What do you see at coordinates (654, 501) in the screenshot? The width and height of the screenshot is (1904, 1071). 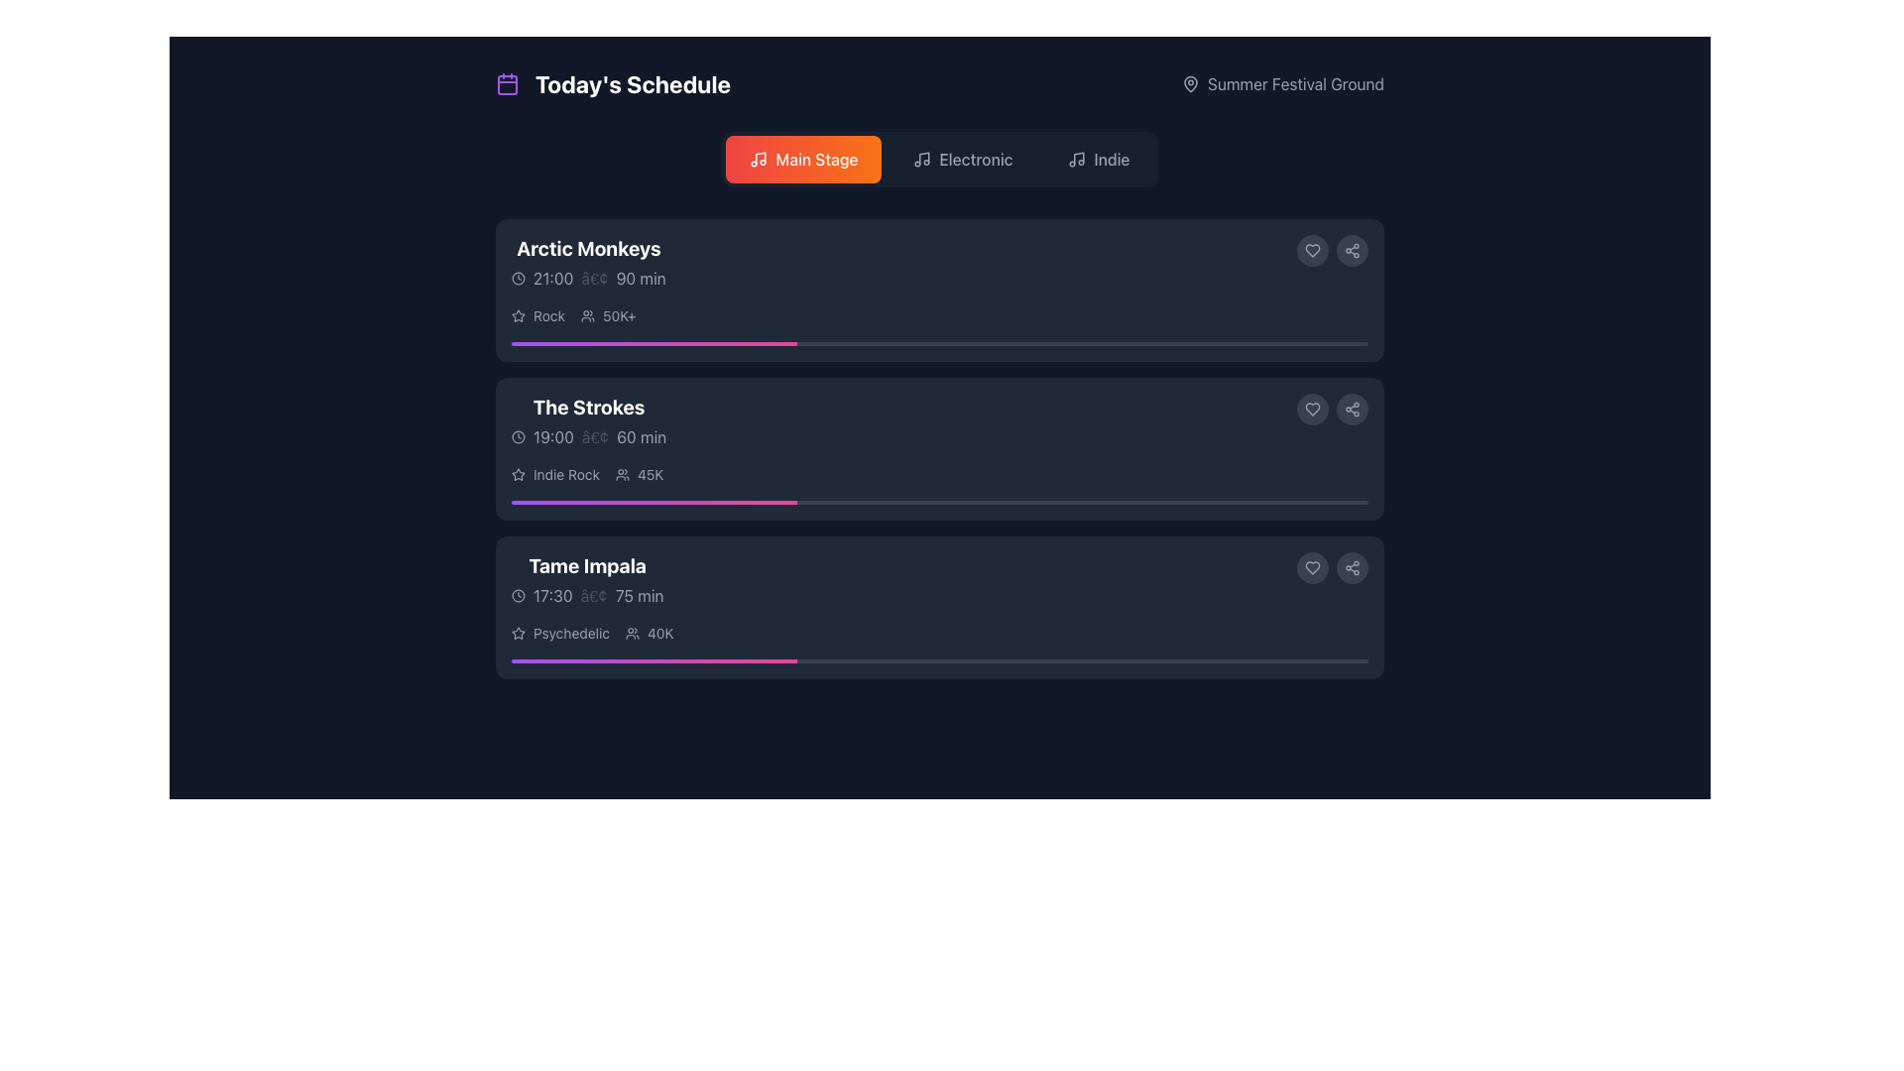 I see `the animated purple to pink gradient progress indicator located under 'The Strokes' in the music events list` at bounding box center [654, 501].